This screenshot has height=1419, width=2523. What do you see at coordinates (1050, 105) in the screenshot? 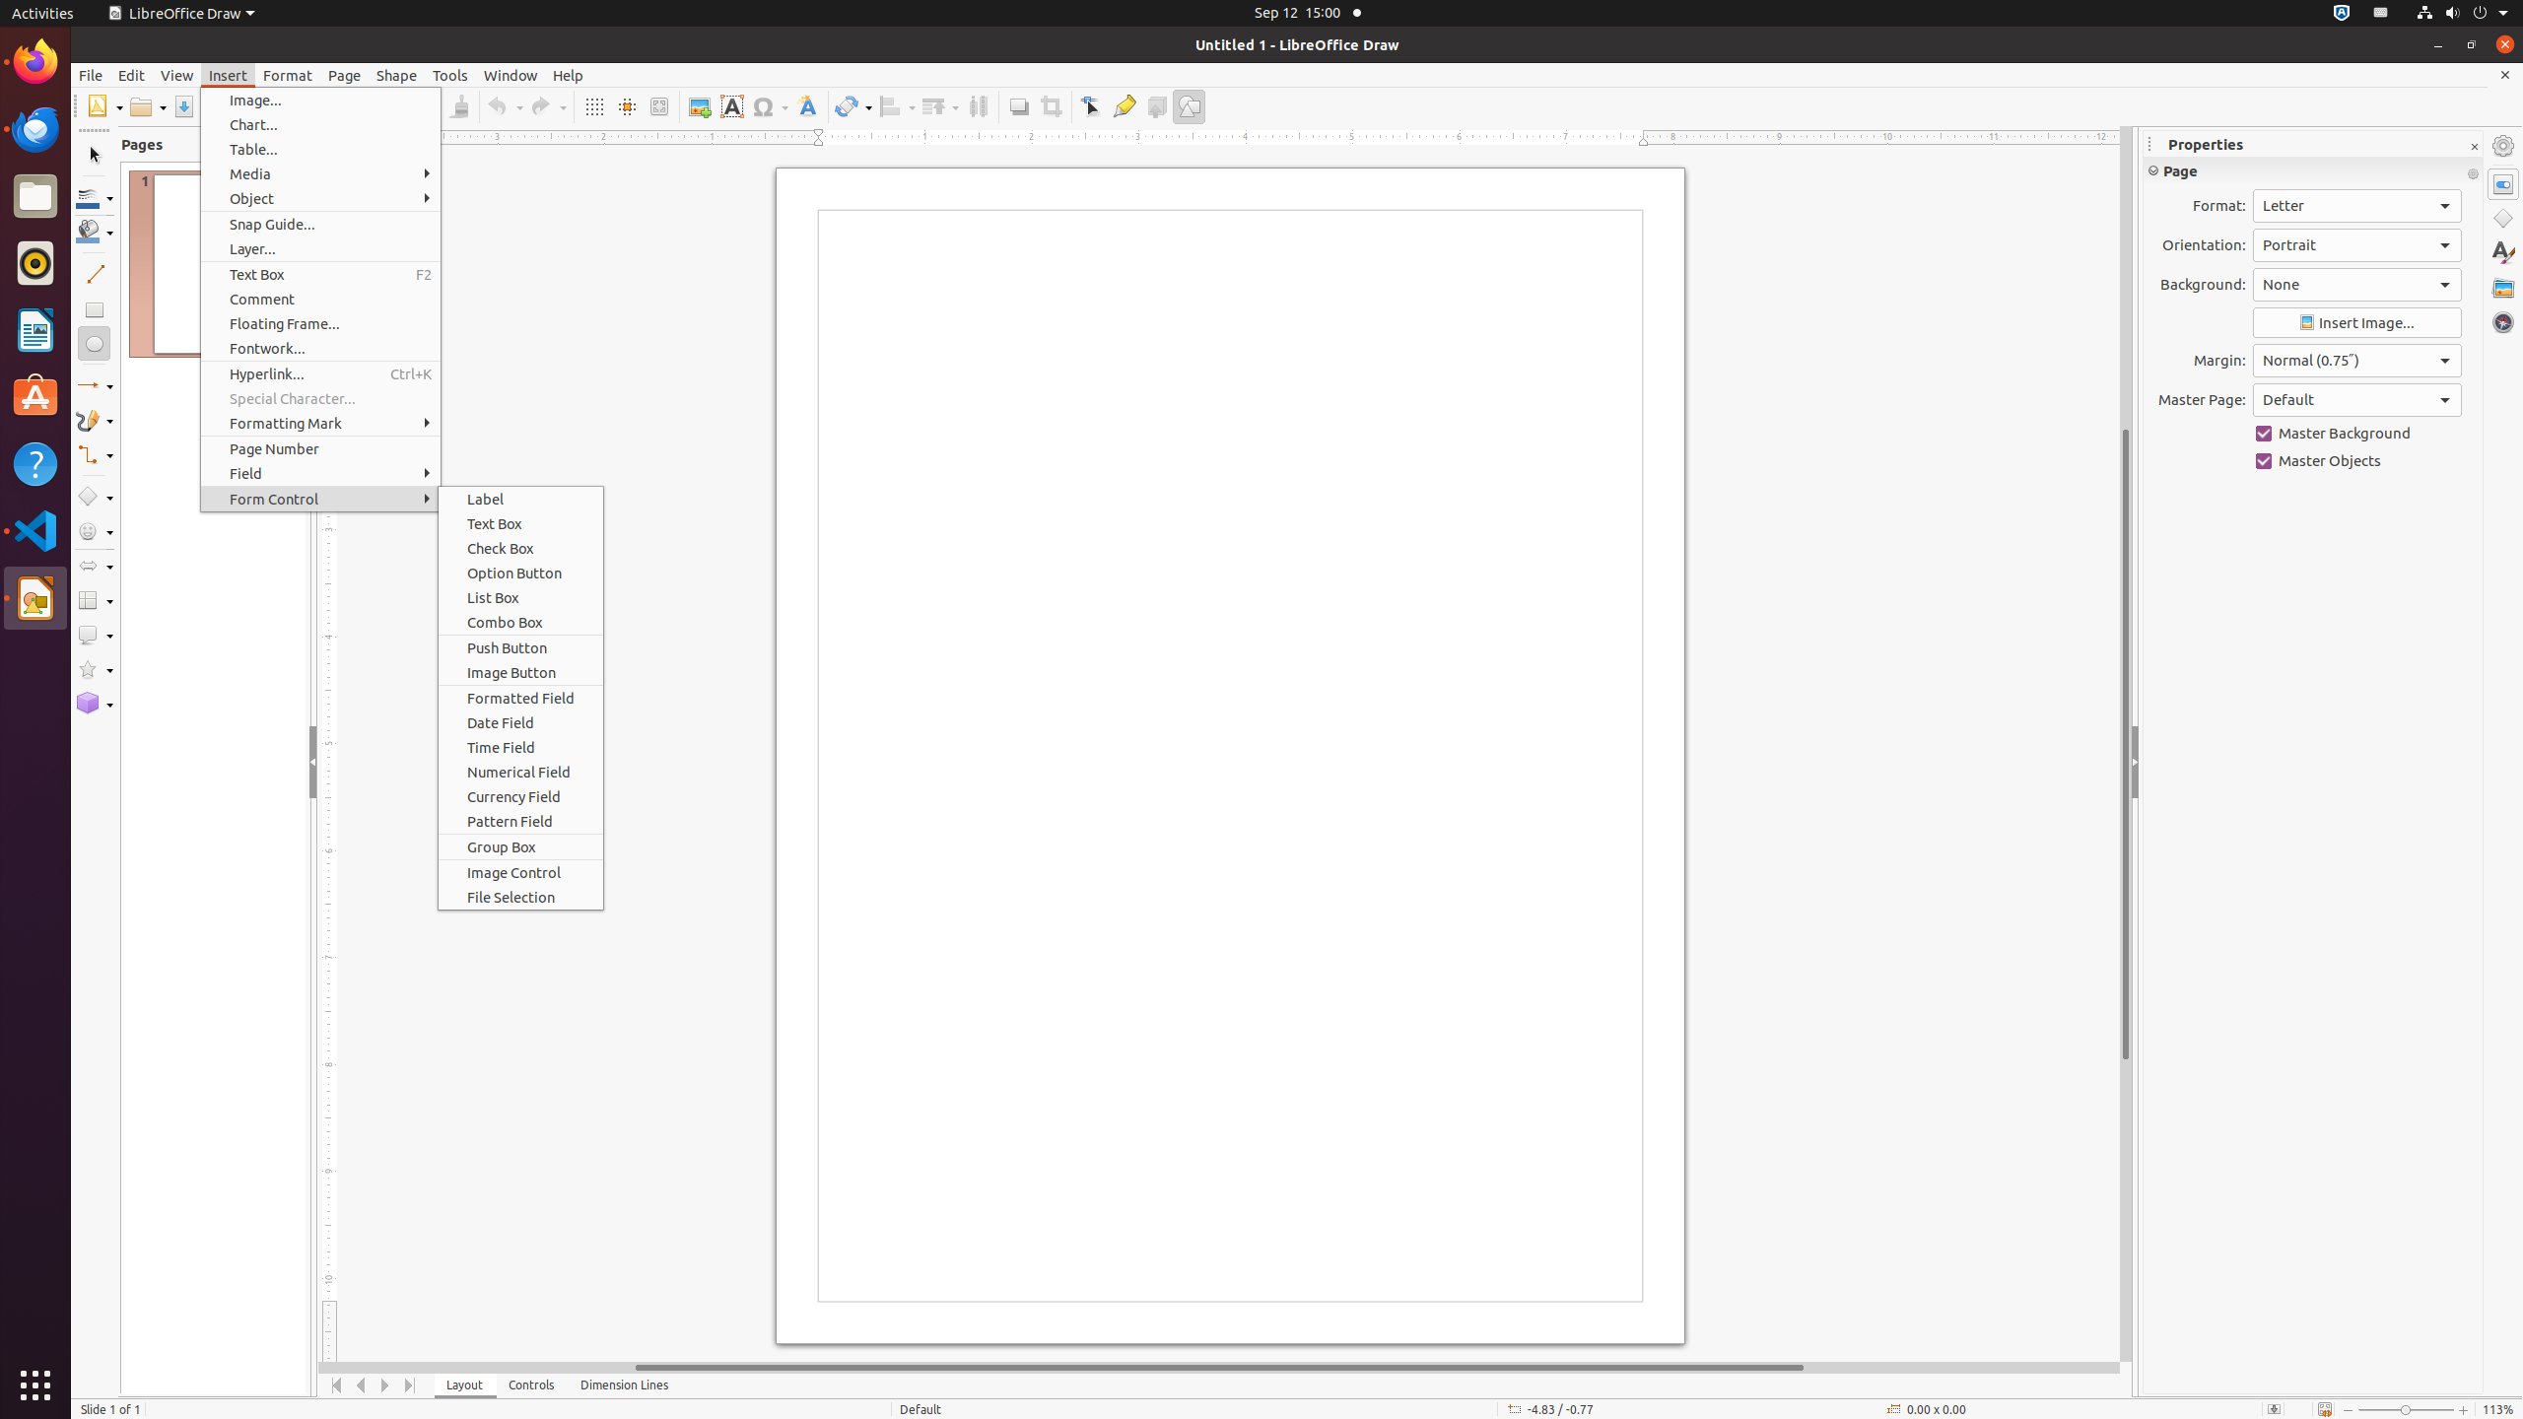
I see `'Crop'` at bounding box center [1050, 105].